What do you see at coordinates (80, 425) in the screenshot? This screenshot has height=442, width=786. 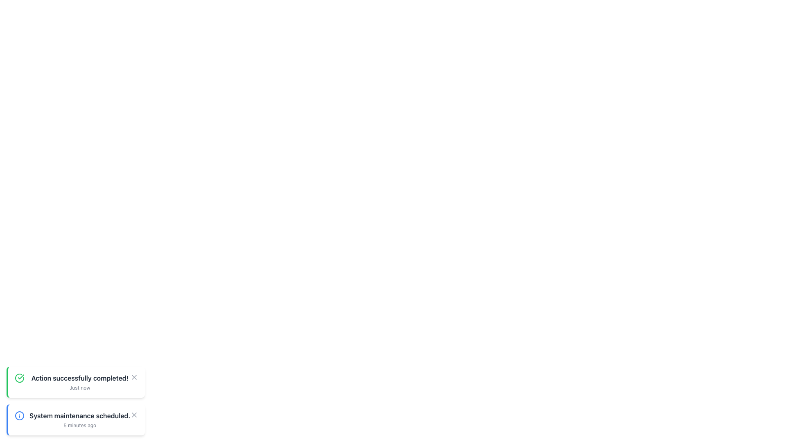 I see `the timestamp text label located at the bottom-left of the notification card titled 'System maintenance scheduled'` at bounding box center [80, 425].